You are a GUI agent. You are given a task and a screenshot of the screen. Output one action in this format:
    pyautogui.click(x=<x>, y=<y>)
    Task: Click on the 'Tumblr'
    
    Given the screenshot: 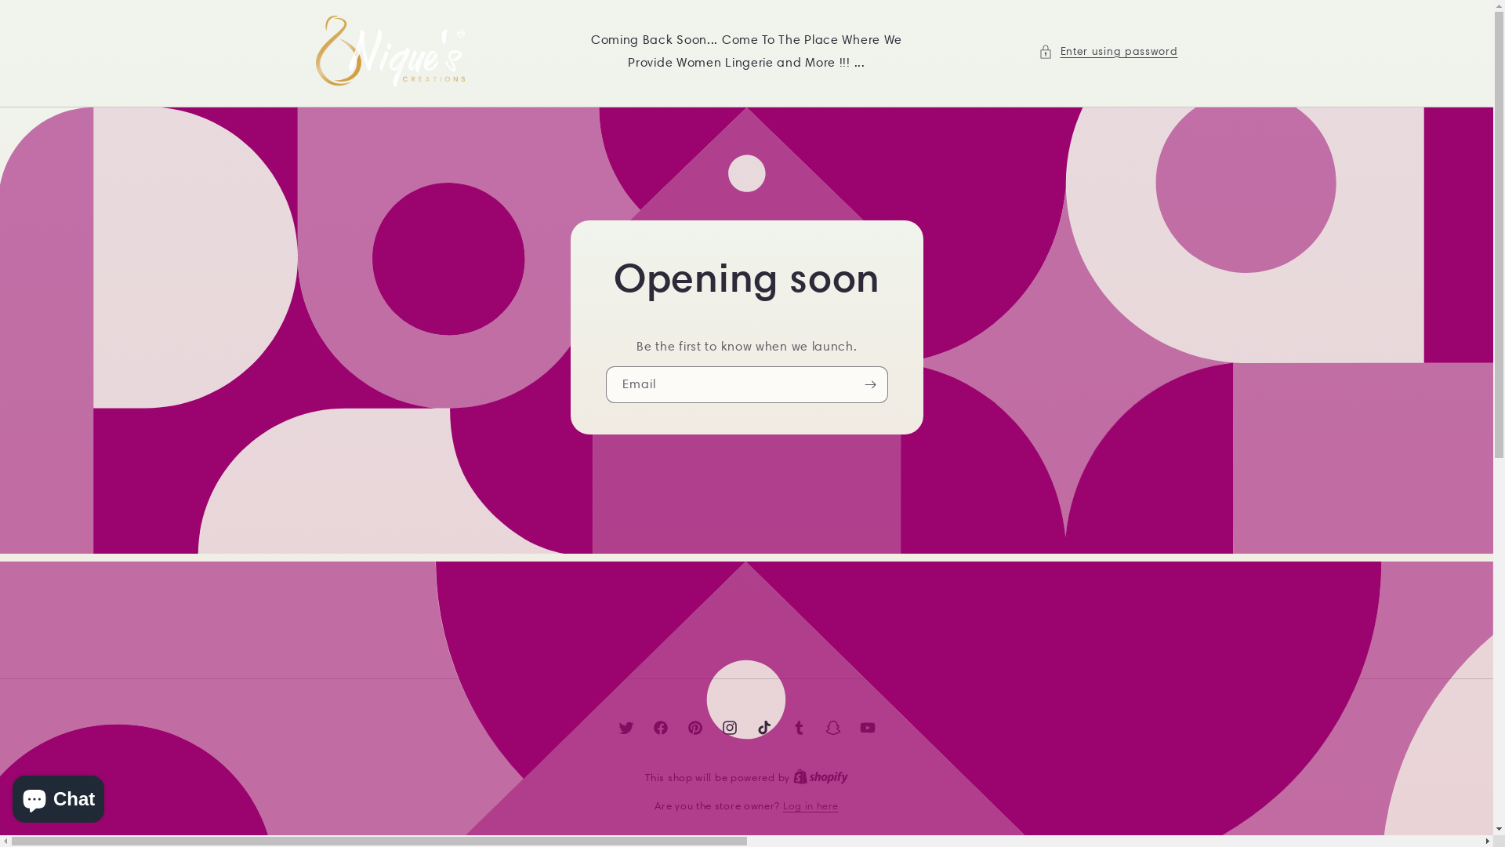 What is the action you would take?
    pyautogui.click(x=797, y=728)
    